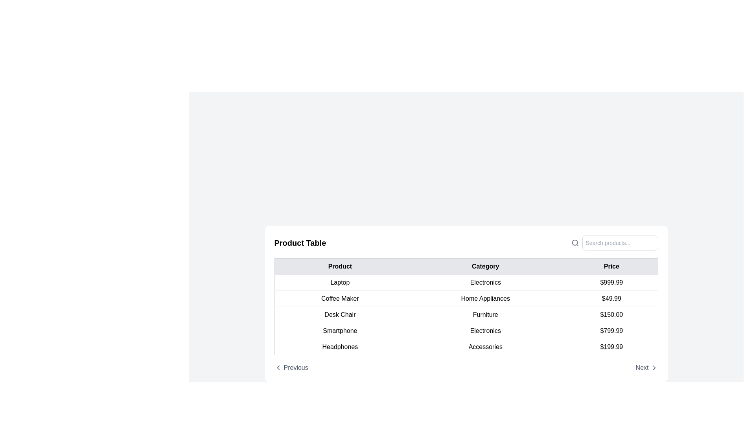 Image resolution: width=755 pixels, height=424 pixels. Describe the element at coordinates (295, 367) in the screenshot. I see `the 'Previous' text label or hyperlink, which is styled like a navigation button and positioned next to a left-pointing arrow icon` at that location.